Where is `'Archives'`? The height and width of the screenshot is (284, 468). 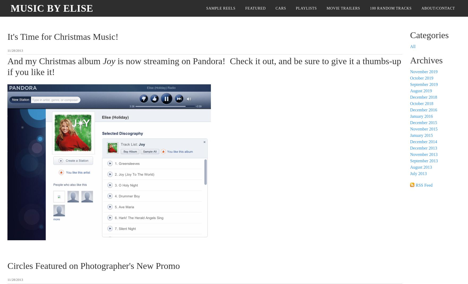 'Archives' is located at coordinates (426, 60).